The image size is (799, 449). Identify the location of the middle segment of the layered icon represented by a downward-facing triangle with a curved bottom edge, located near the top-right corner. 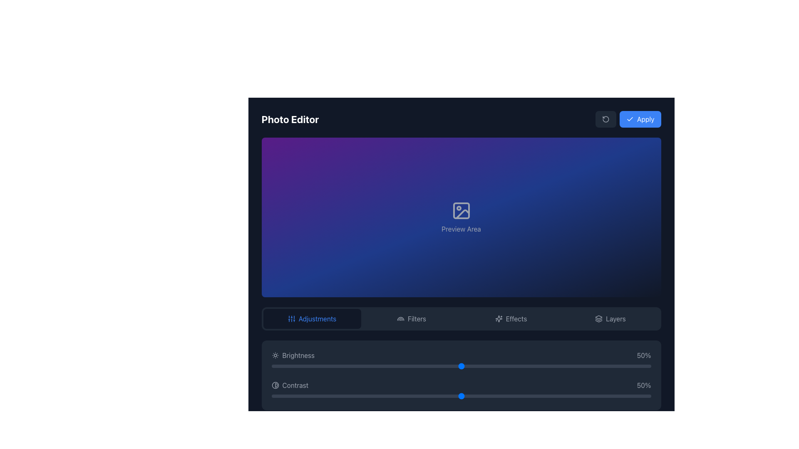
(598, 319).